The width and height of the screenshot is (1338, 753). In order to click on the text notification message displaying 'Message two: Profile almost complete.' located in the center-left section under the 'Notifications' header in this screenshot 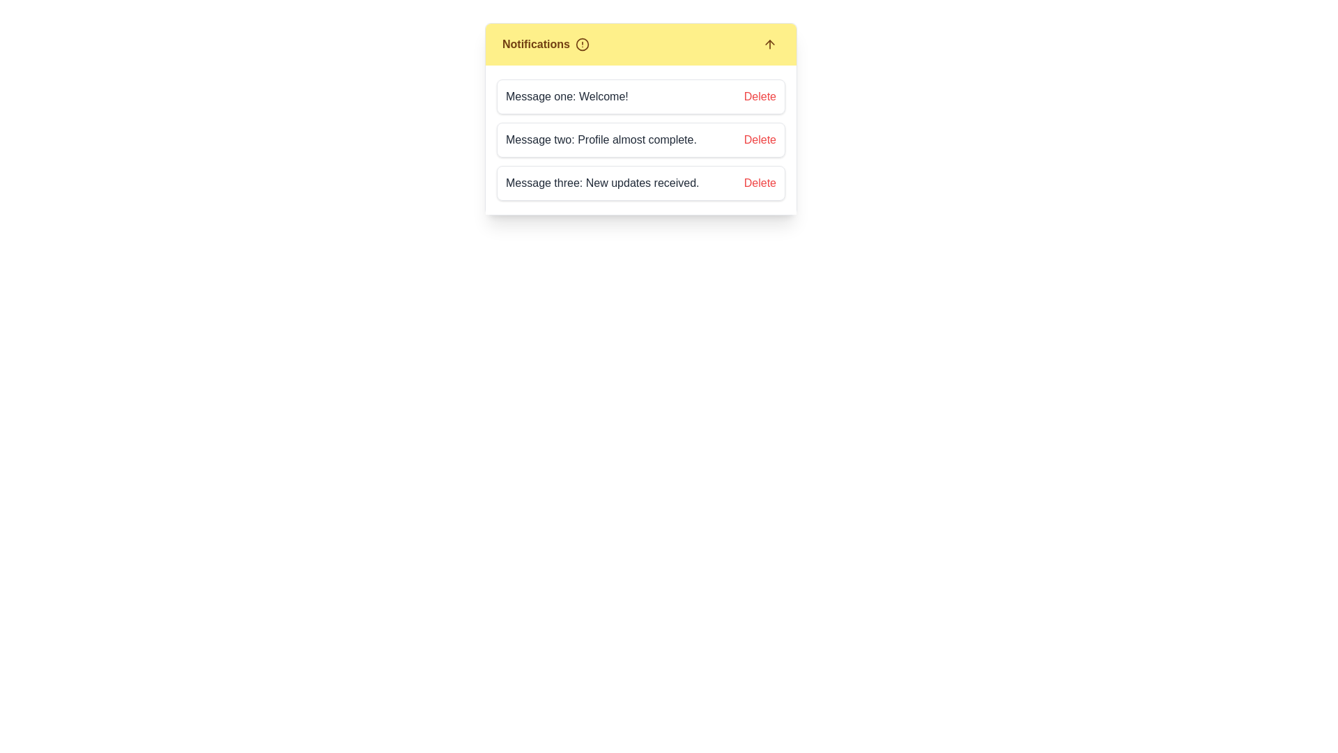, I will do `click(603, 139)`.